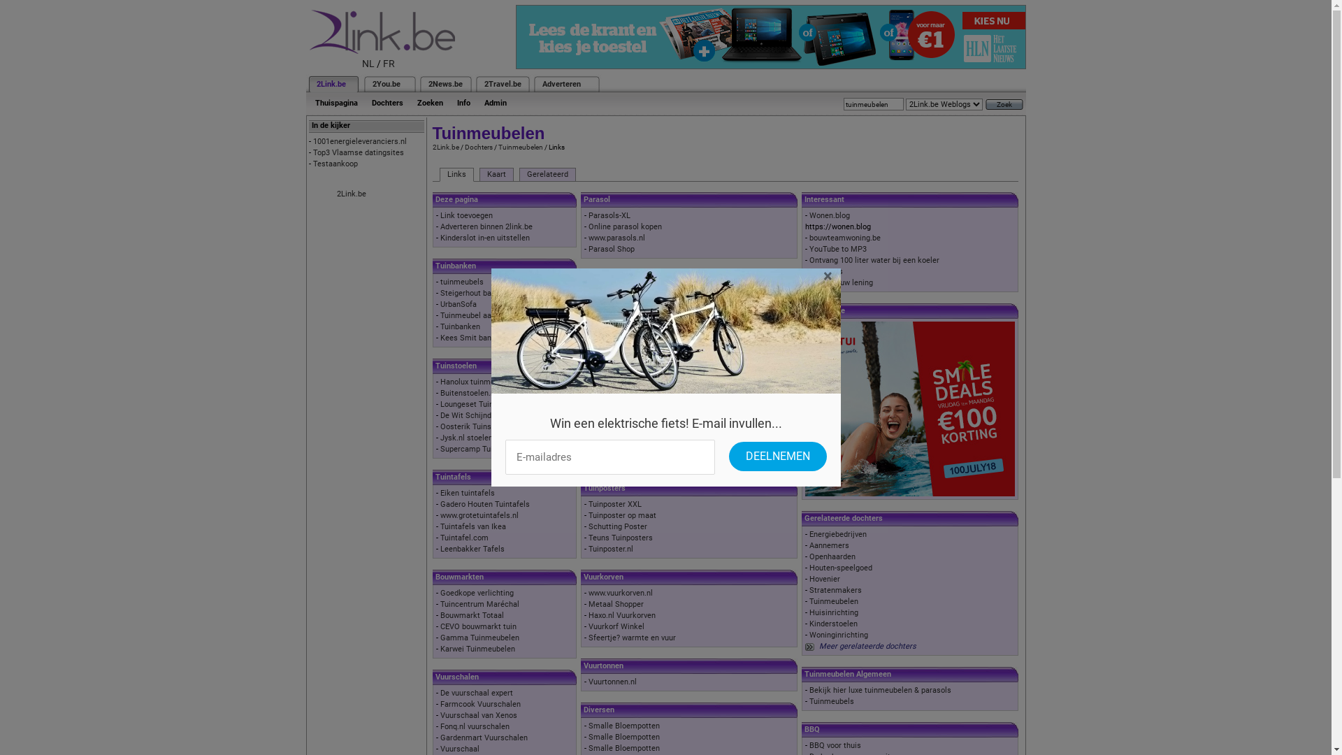 This screenshot has height=755, width=1342. What do you see at coordinates (467, 492) in the screenshot?
I see `'Eiken tuintafels'` at bounding box center [467, 492].